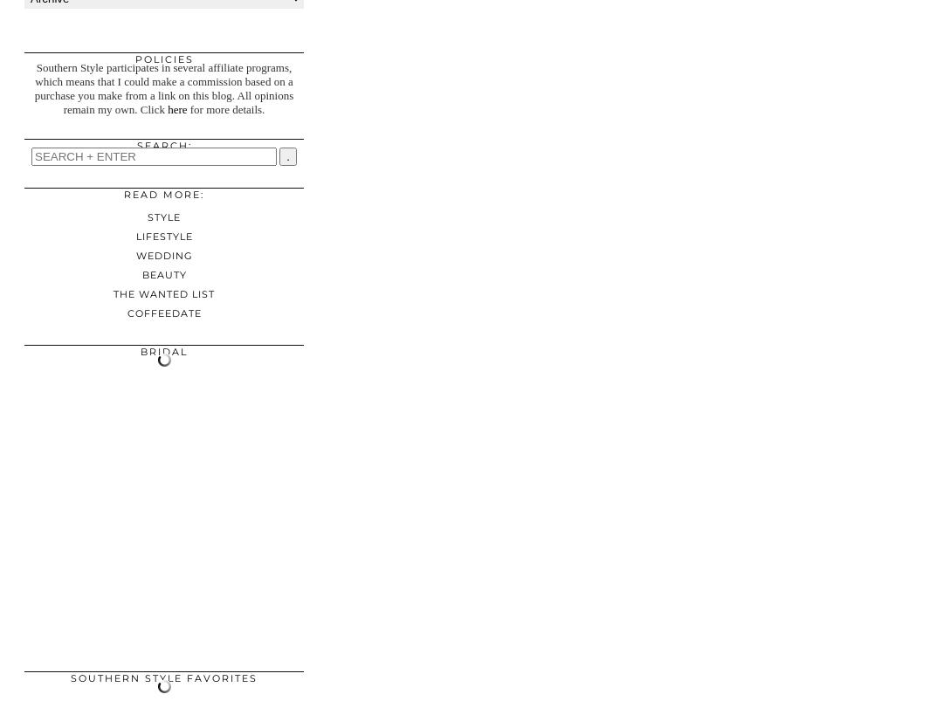 Image resolution: width=950 pixels, height=708 pixels. Describe the element at coordinates (162, 145) in the screenshot. I see `'Search:'` at that location.